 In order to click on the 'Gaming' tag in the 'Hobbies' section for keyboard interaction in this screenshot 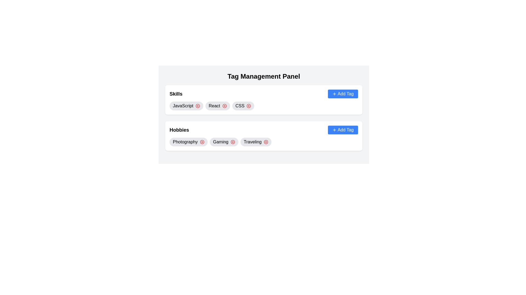, I will do `click(224, 142)`.